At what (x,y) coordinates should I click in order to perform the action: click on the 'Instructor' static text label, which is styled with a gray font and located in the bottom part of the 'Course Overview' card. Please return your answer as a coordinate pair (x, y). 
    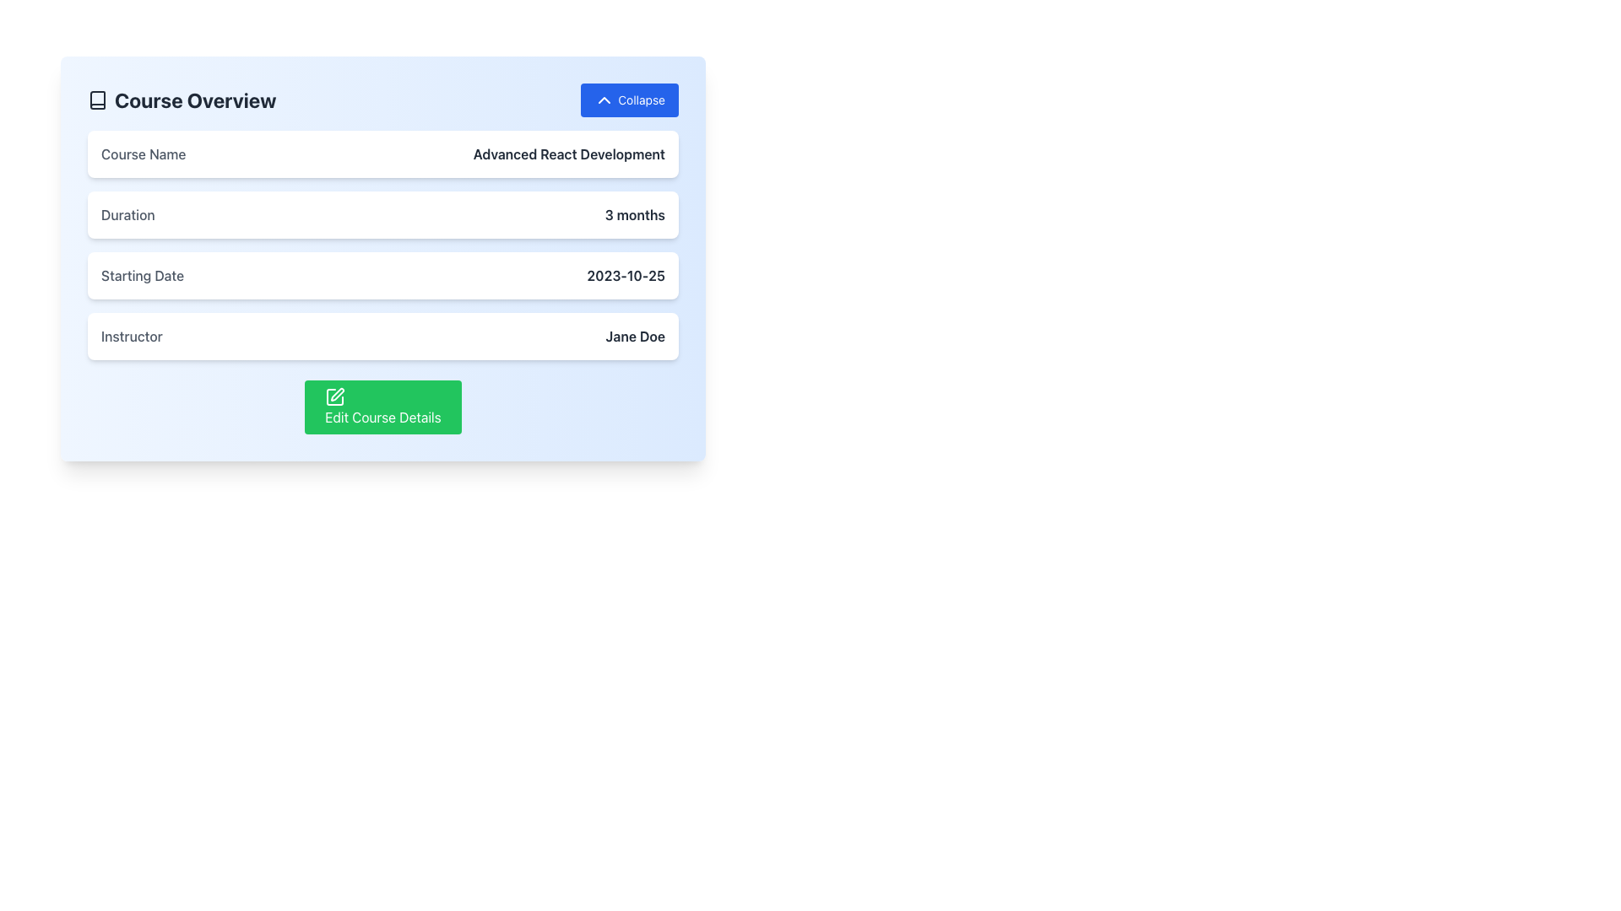
    Looking at the image, I should click on (131, 336).